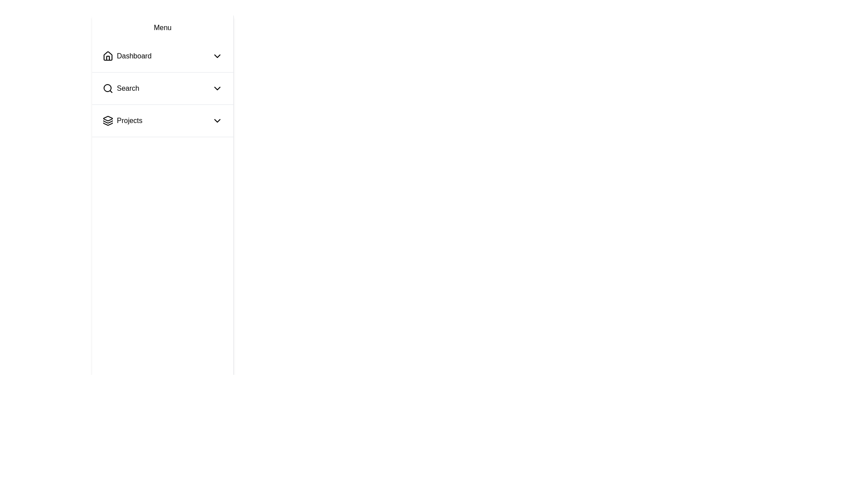 The height and width of the screenshot is (478, 850). What do you see at coordinates (134, 56) in the screenshot?
I see `the 'Dashboard' text label located beside the house icon in the vertical navigation menu` at bounding box center [134, 56].